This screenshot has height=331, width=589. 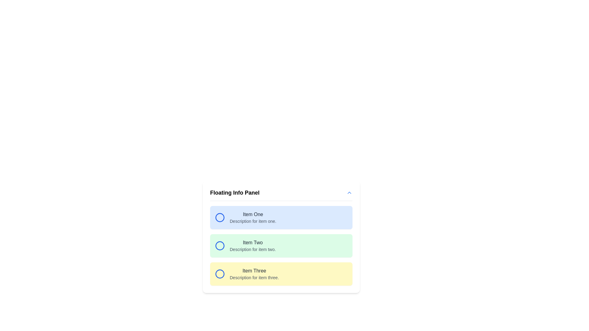 What do you see at coordinates (253, 242) in the screenshot?
I see `the text label indicating 'Item Two' in the Floating Info Panel, which is positioned in the center of the green row` at bounding box center [253, 242].